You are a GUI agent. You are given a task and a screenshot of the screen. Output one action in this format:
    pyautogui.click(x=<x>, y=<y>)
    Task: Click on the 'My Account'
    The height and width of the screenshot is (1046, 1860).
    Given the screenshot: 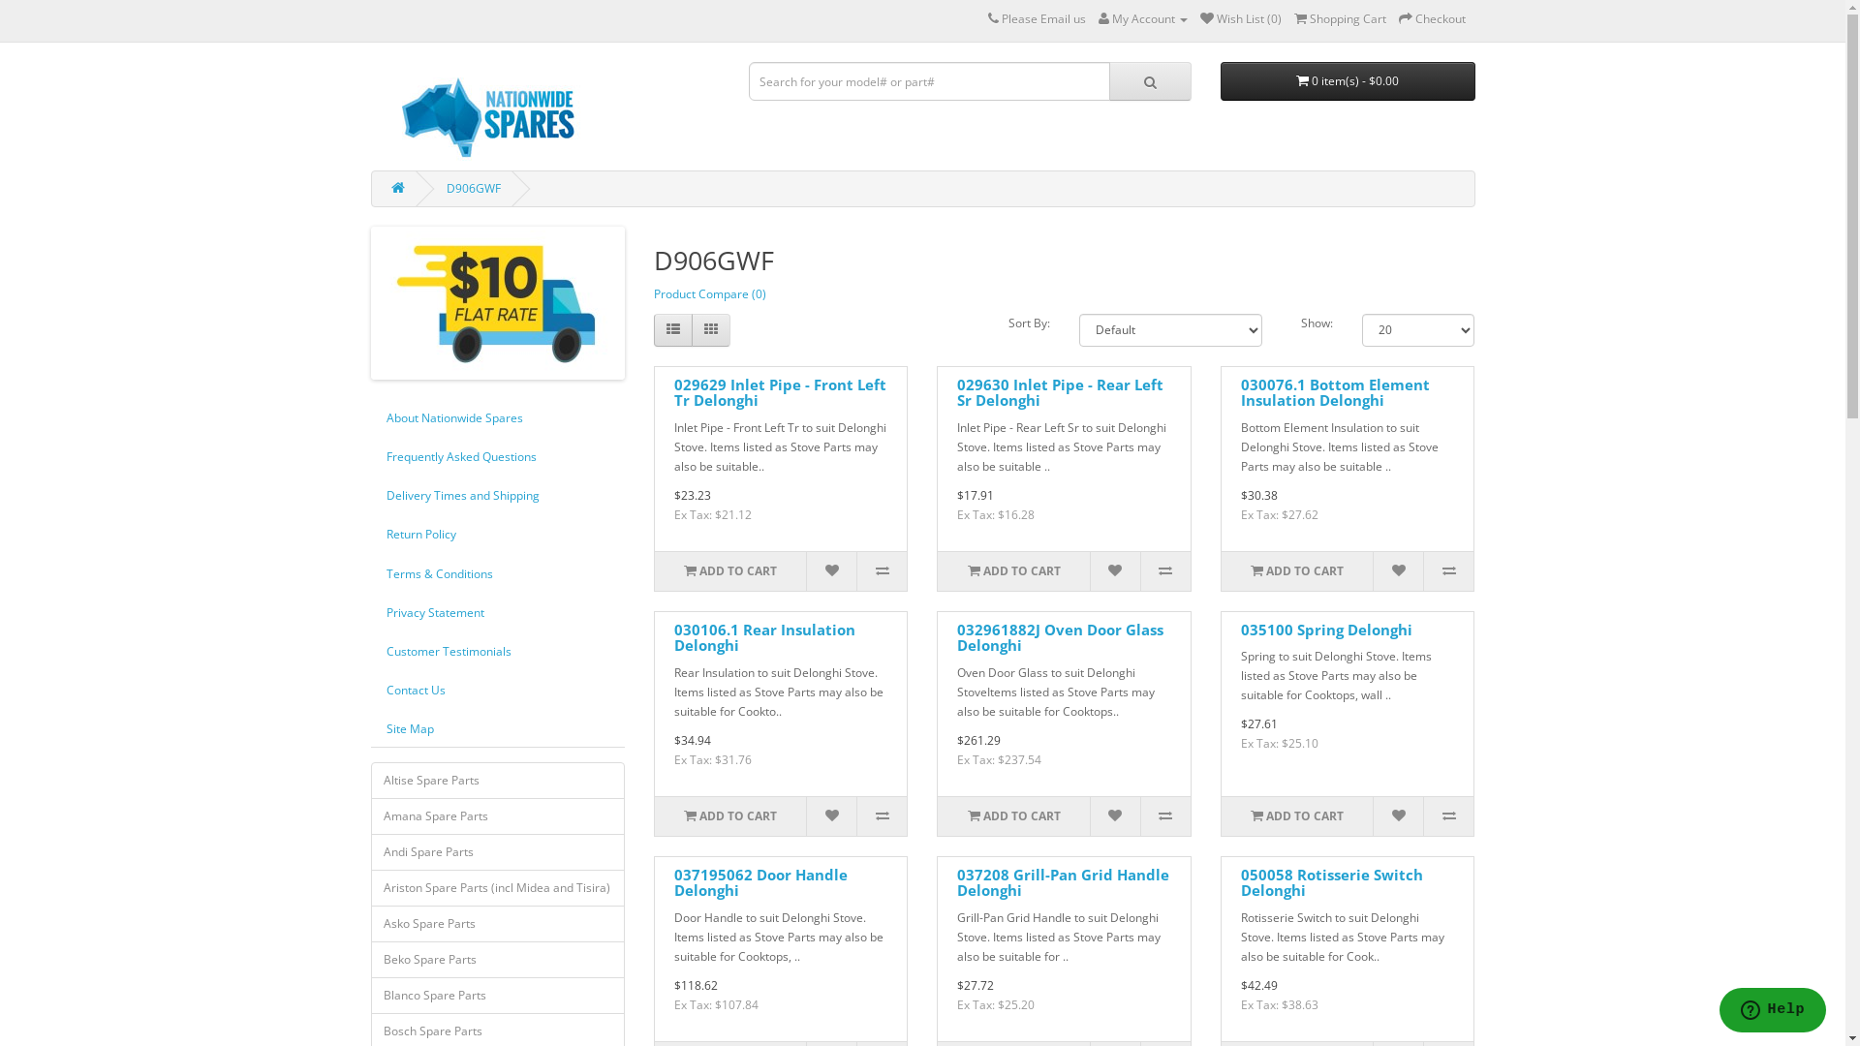 What is the action you would take?
    pyautogui.click(x=1143, y=18)
    